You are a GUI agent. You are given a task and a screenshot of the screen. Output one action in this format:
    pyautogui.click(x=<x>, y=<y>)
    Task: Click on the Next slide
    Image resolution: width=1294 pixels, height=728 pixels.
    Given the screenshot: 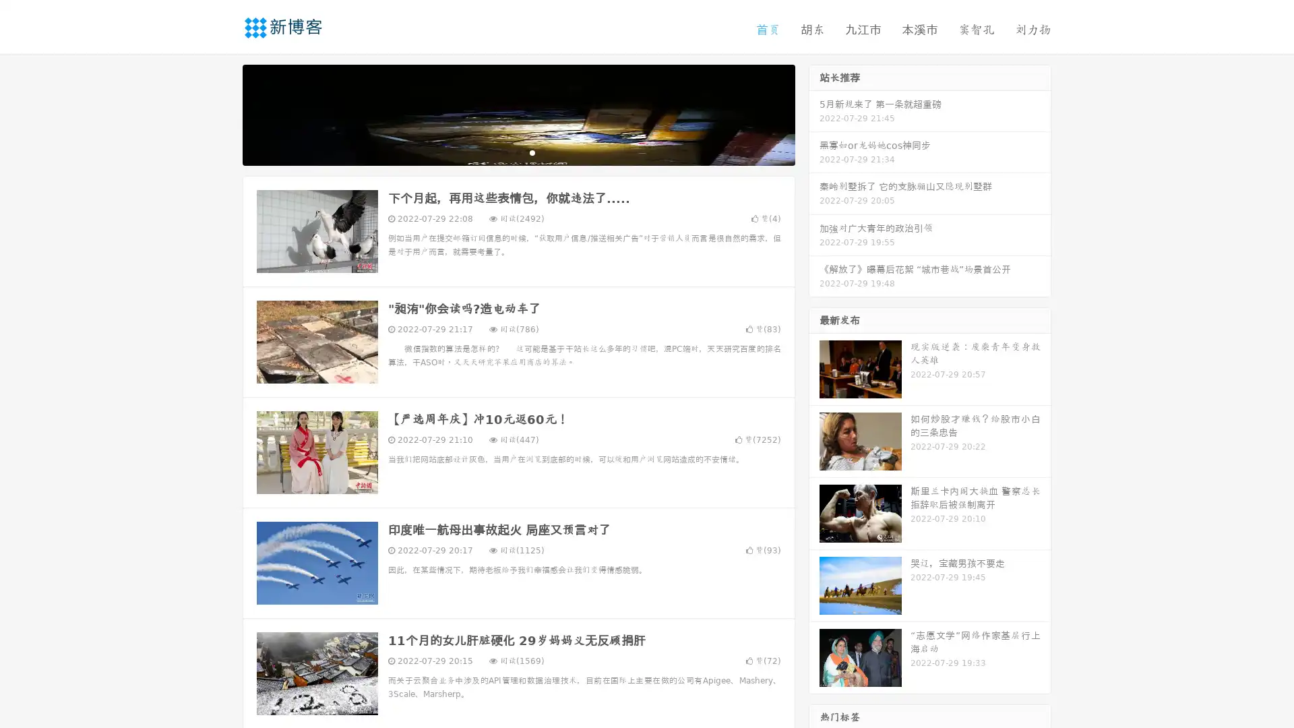 What is the action you would take?
    pyautogui.click(x=814, y=113)
    